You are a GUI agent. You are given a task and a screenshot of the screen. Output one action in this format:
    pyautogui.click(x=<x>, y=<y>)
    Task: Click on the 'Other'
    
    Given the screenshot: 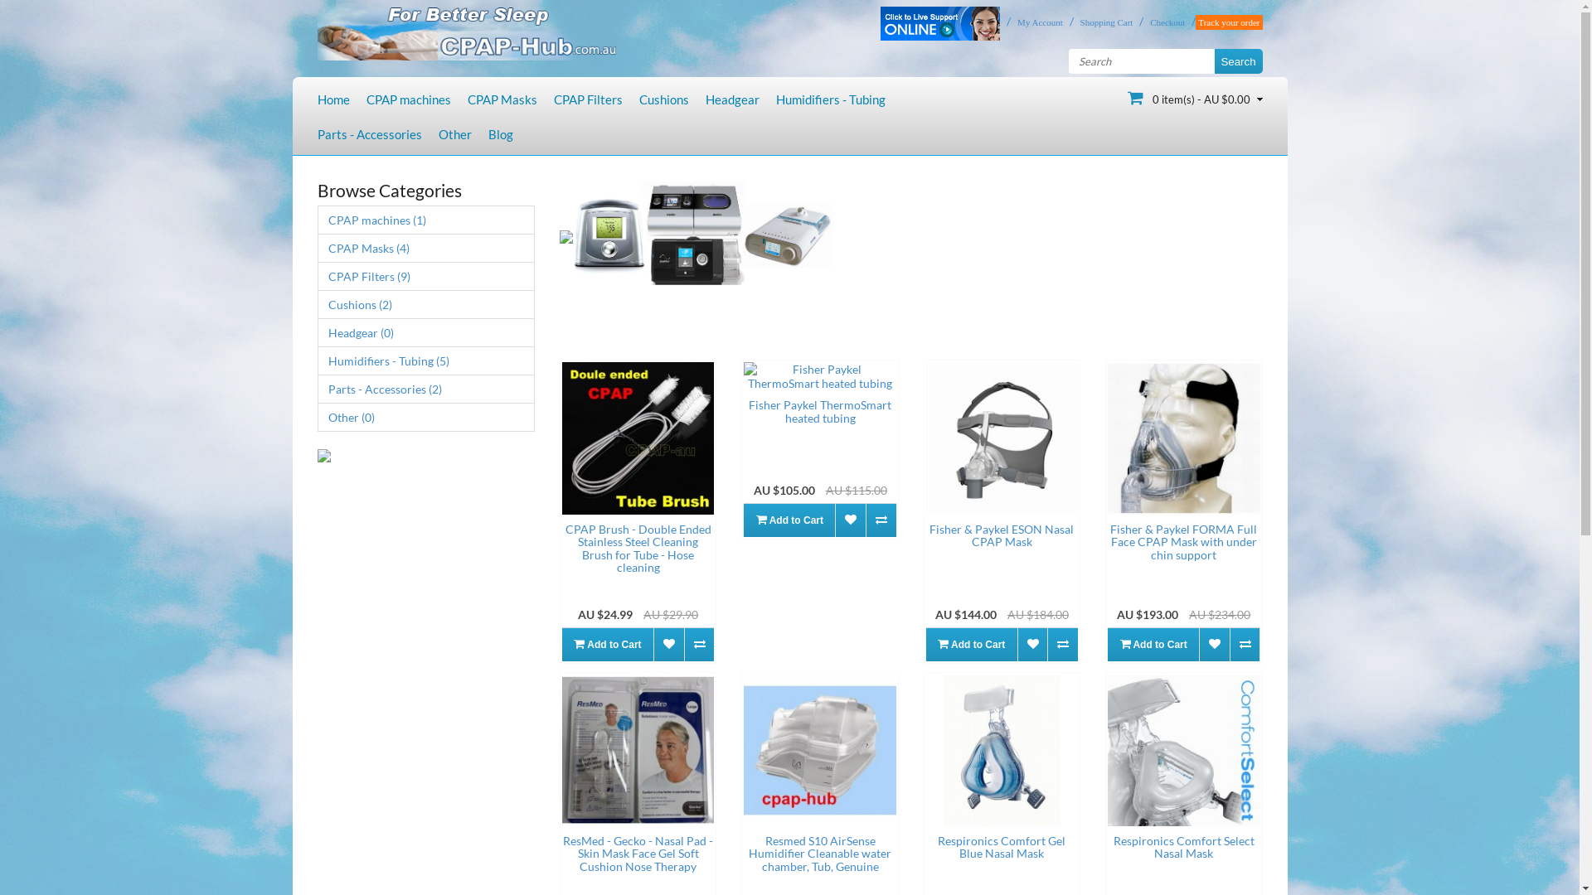 What is the action you would take?
    pyautogui.click(x=454, y=133)
    